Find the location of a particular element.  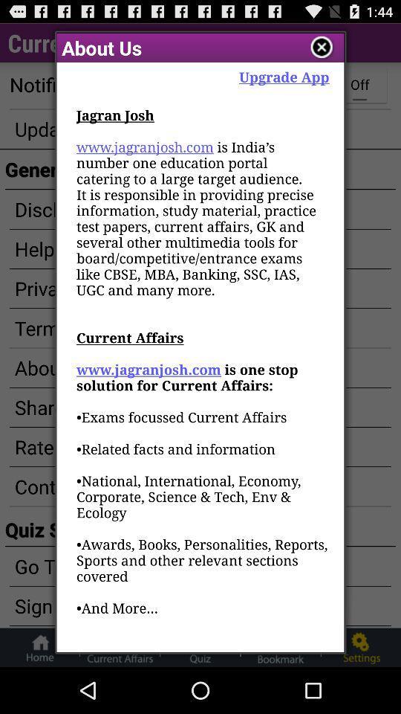

the item to the right of the about us app is located at coordinates (321, 48).